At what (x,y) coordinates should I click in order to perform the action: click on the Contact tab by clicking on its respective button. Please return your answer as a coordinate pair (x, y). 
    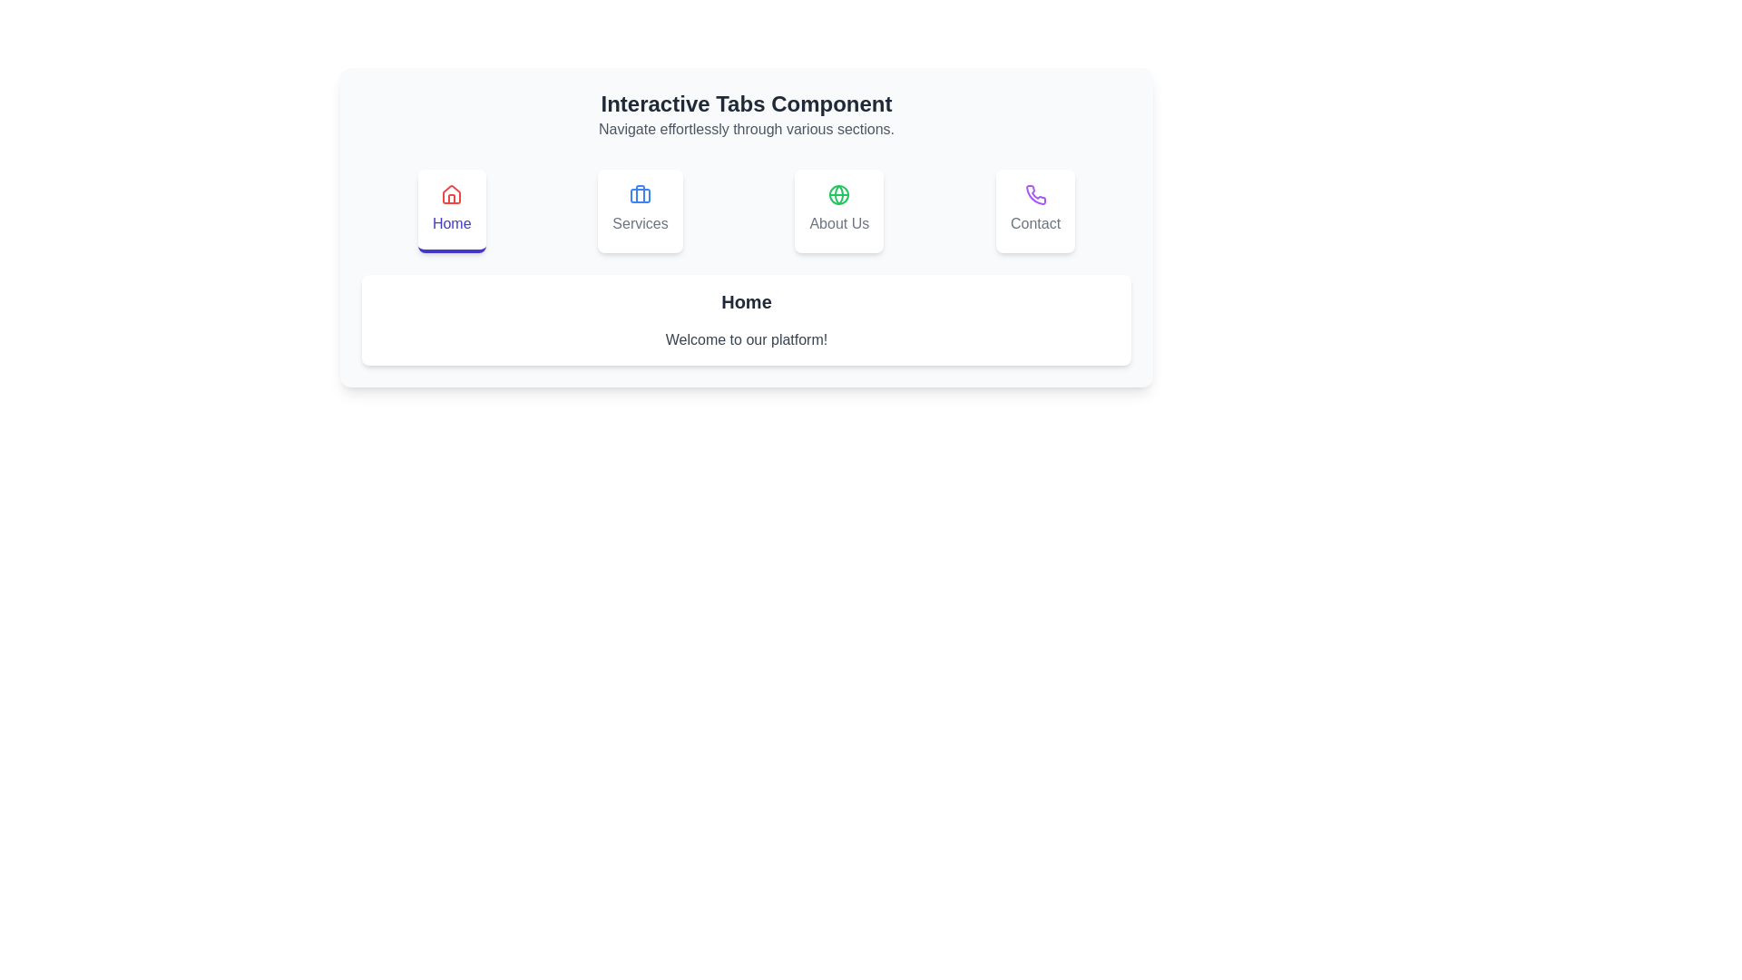
    Looking at the image, I should click on (1036, 210).